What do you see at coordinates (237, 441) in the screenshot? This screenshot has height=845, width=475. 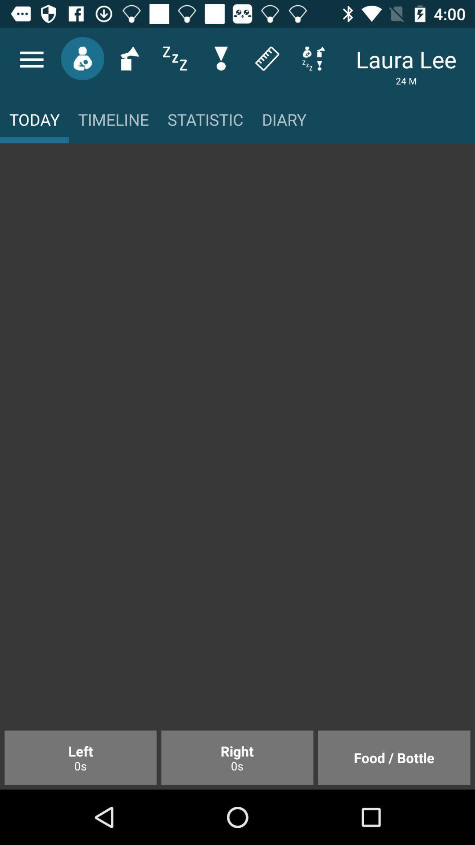 I see `the icon at the center` at bounding box center [237, 441].